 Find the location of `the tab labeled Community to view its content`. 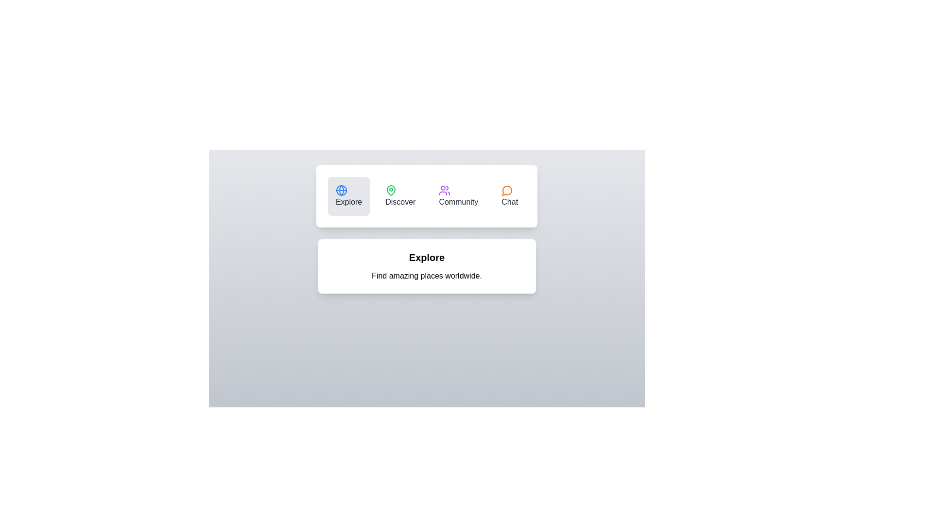

the tab labeled Community to view its content is located at coordinates (458, 196).